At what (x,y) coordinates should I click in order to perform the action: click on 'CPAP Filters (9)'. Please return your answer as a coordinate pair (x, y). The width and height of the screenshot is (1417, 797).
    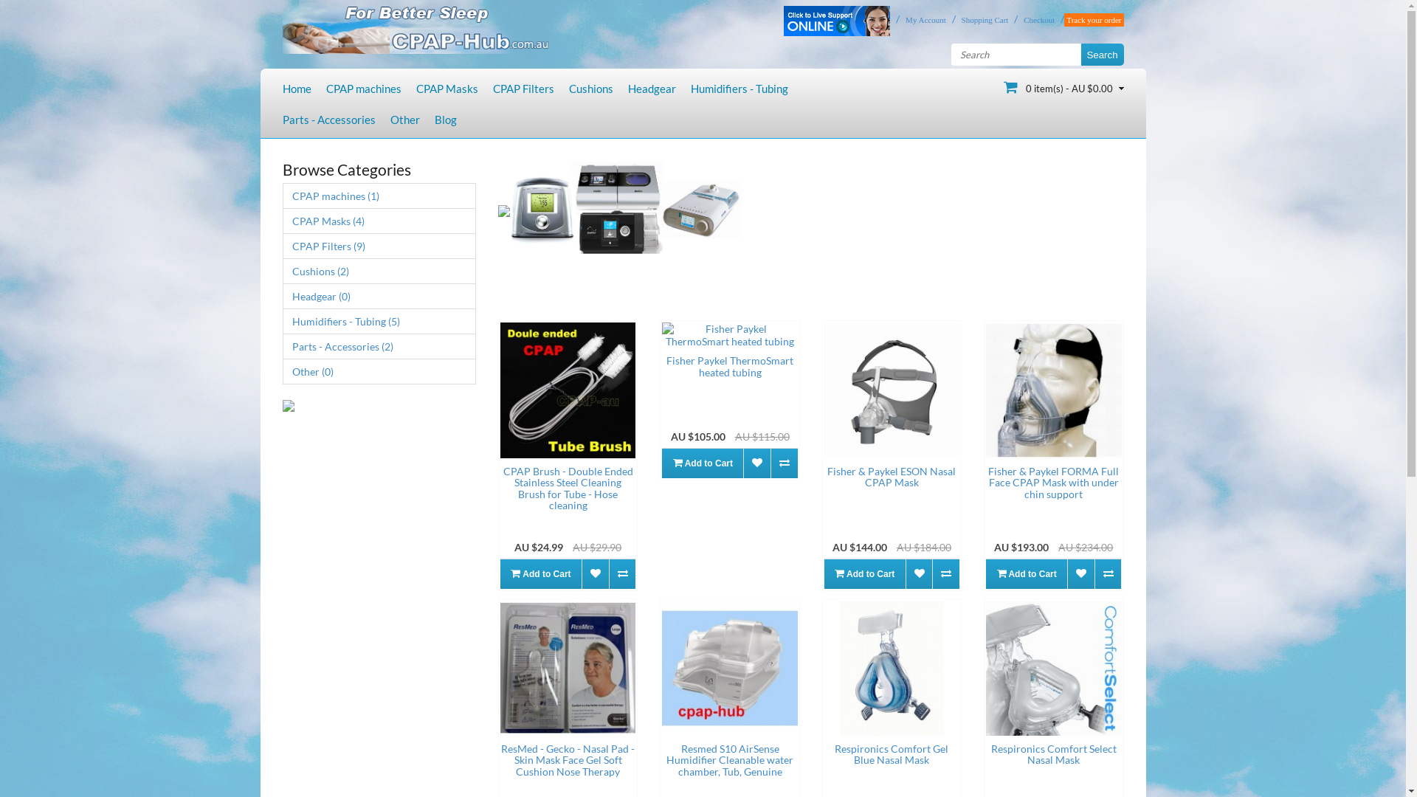
    Looking at the image, I should click on (379, 245).